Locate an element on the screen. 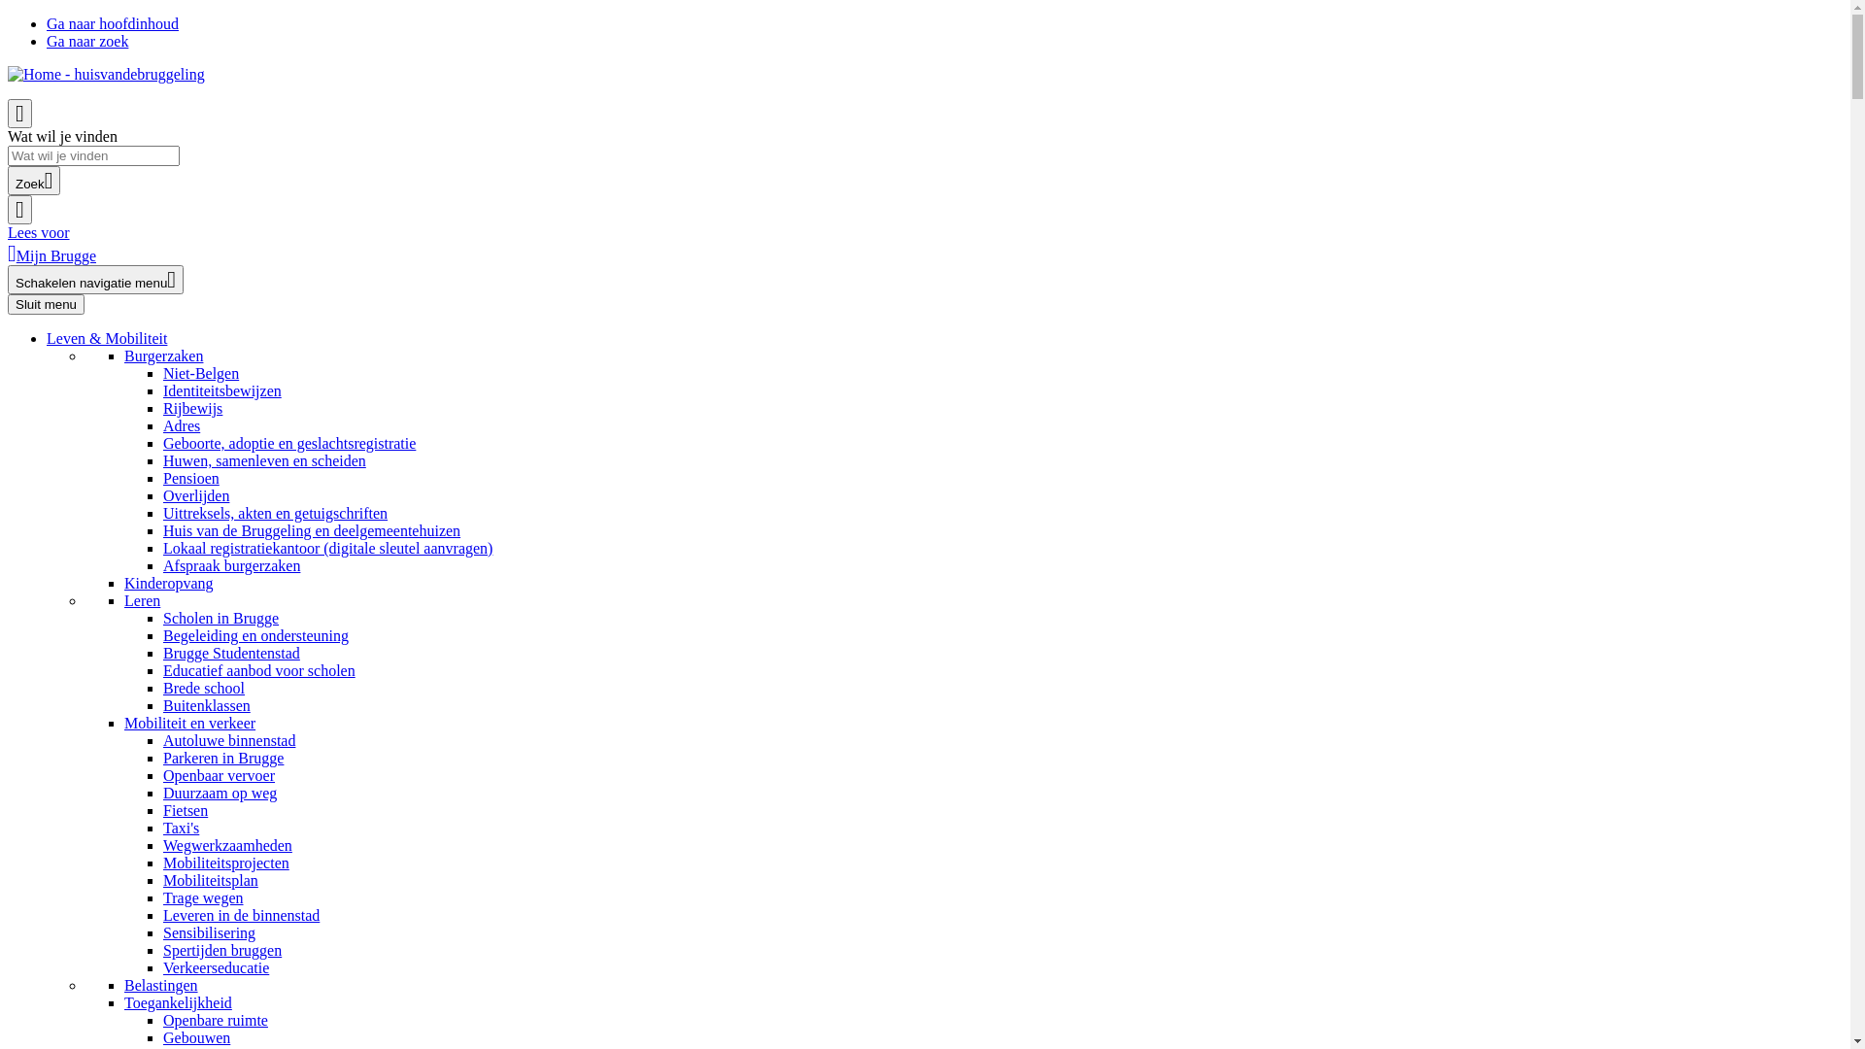  'Huis van de Bruggeling en deelgemeentehuizen' is located at coordinates (312, 530).